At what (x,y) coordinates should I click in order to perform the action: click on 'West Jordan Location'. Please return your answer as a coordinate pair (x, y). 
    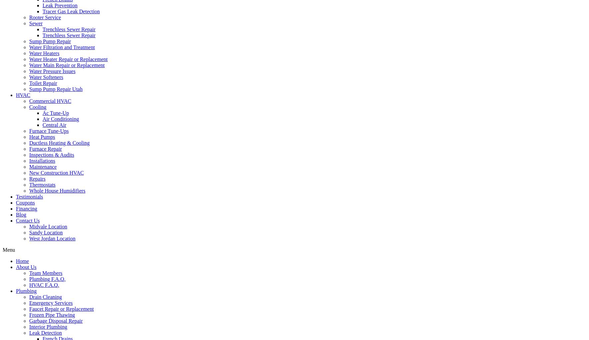
    Looking at the image, I should click on (29, 238).